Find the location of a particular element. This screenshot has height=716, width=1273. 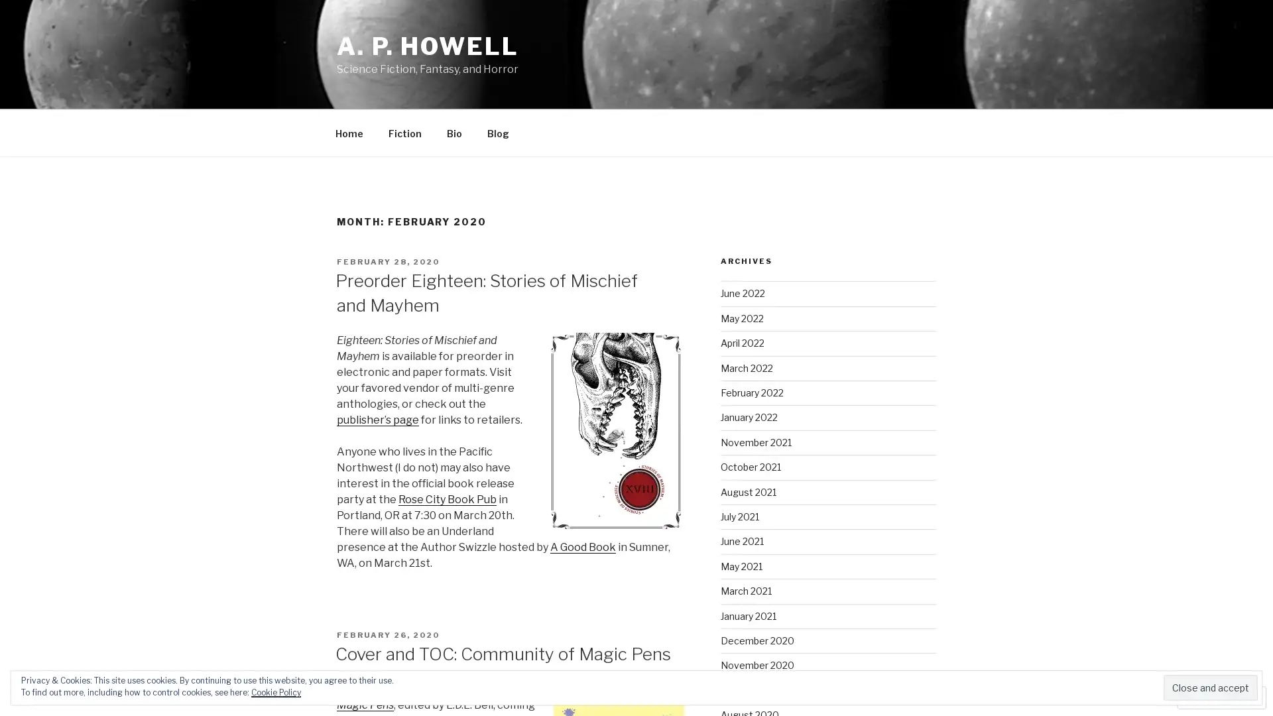

Close and accept is located at coordinates (1210, 687).